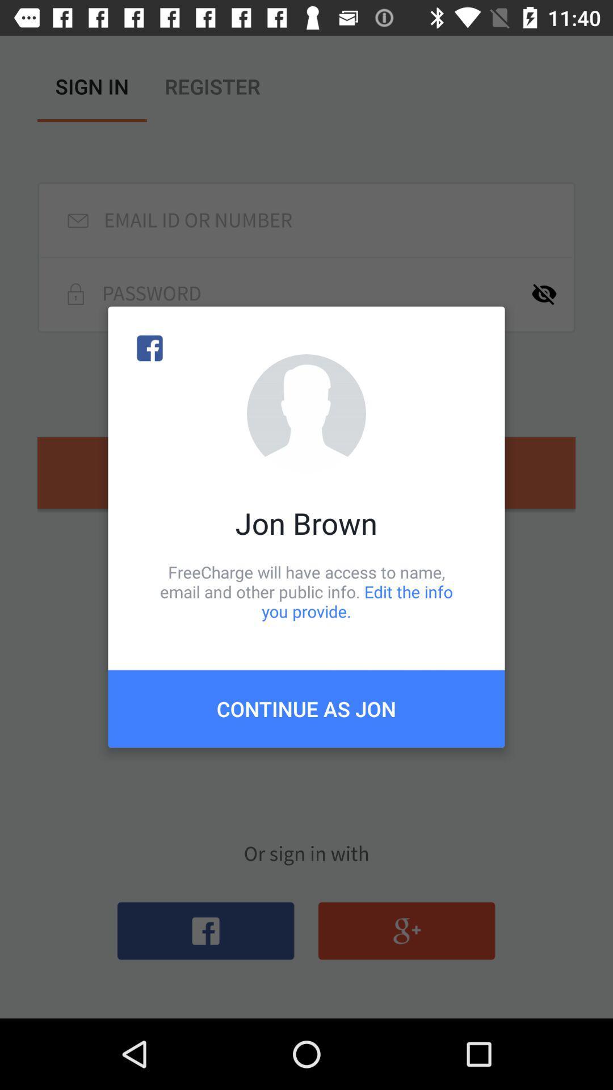 The image size is (613, 1090). I want to click on the icon below the jon brown icon, so click(306, 591).